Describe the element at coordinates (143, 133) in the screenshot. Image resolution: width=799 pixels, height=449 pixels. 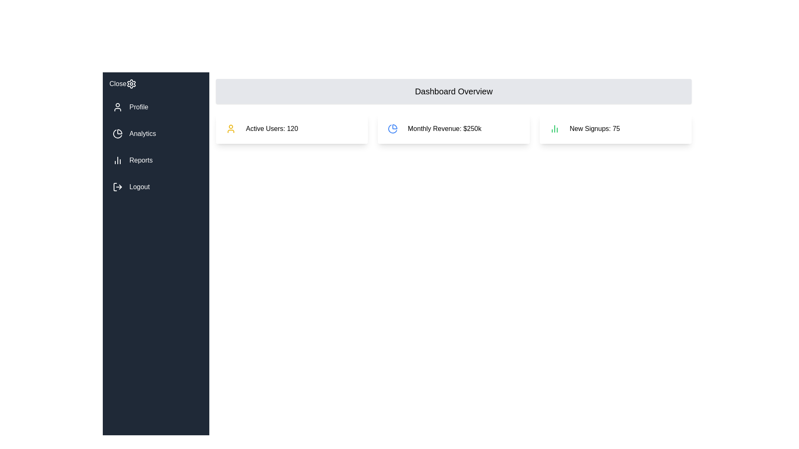
I see `the 'Analytics' label in the left navigation menu, which displays the text in white against a dark background` at that location.